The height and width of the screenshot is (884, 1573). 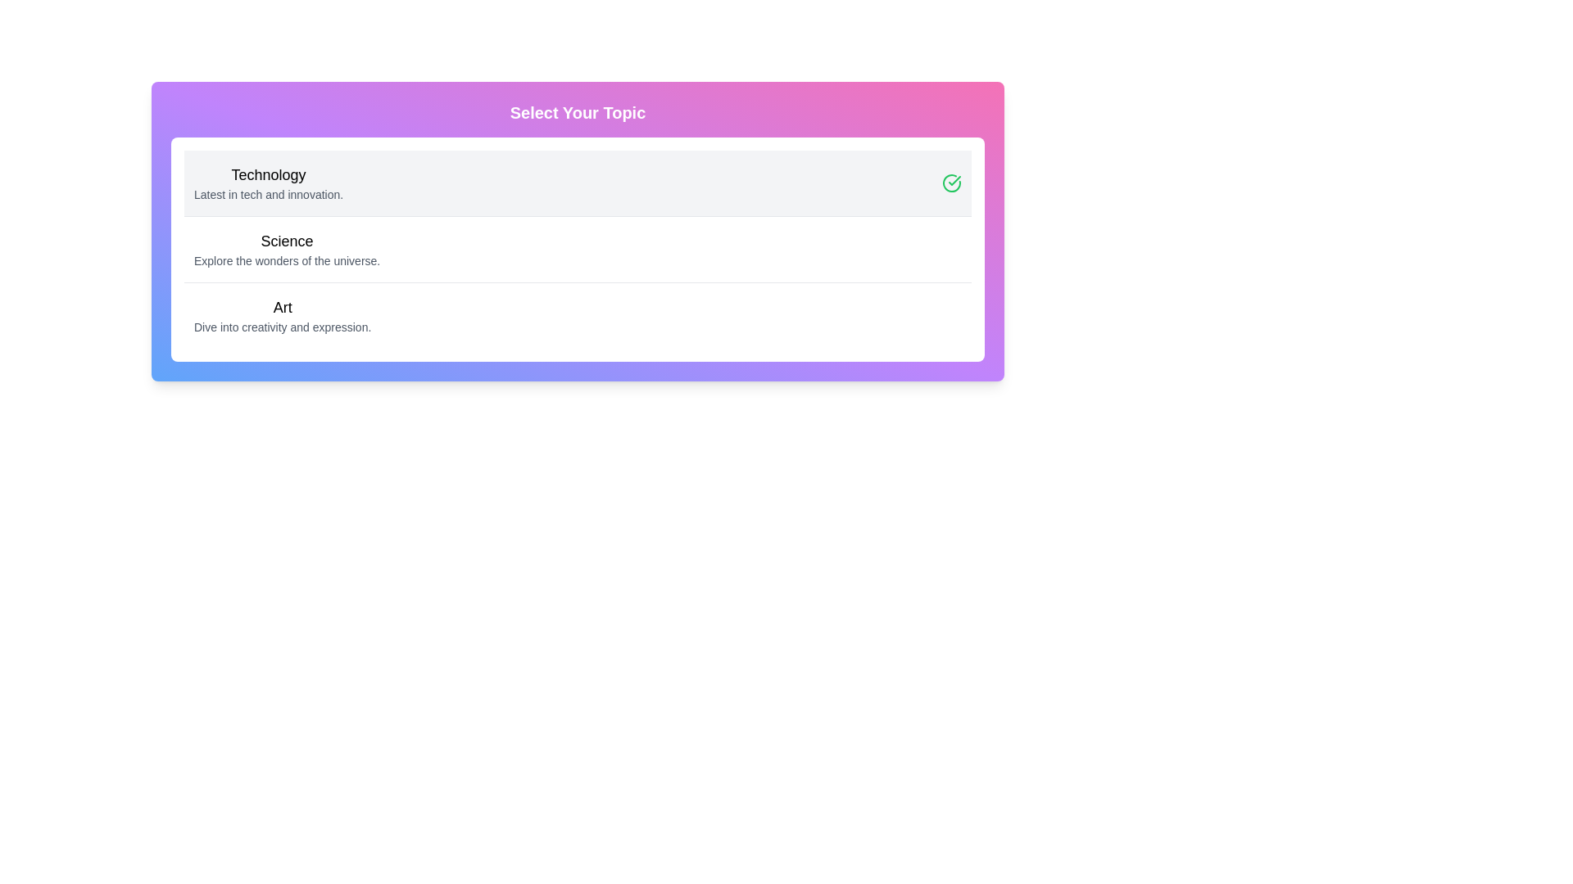 I want to click on the 'Science' topic selection option, which is the second item in the list of topics, so click(x=287, y=249).